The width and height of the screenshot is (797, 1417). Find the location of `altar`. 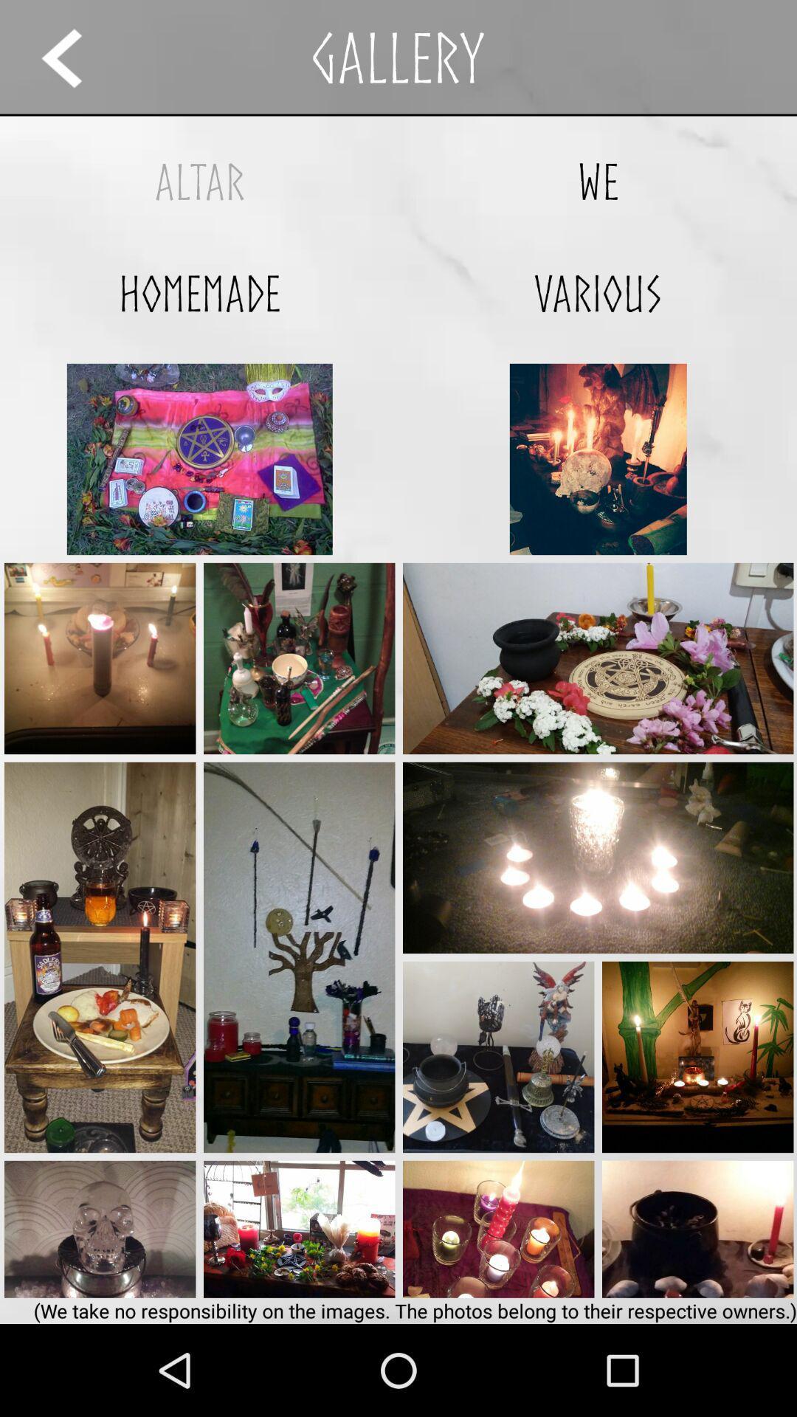

altar is located at coordinates (199, 181).